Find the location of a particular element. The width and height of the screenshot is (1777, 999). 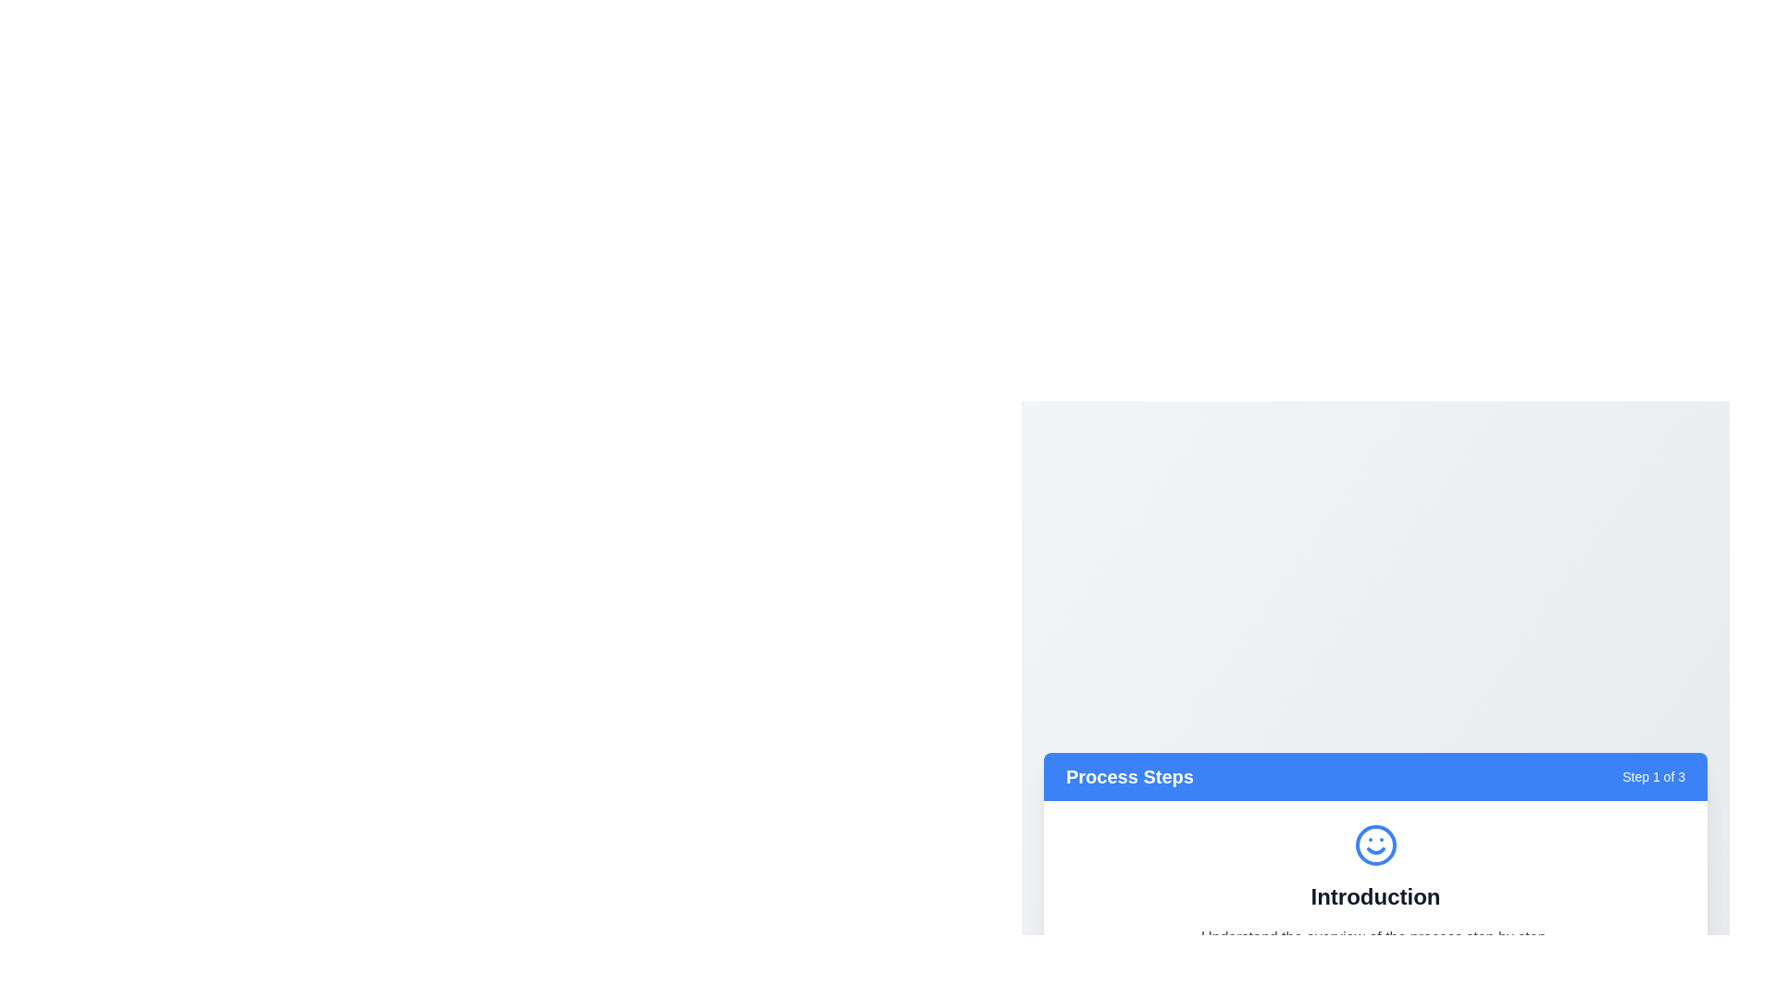

the static text label indicating the current step in the process, which is positioned within a blue rectangular header and aligned with the 'Process Steps' text element is located at coordinates (1654, 776).